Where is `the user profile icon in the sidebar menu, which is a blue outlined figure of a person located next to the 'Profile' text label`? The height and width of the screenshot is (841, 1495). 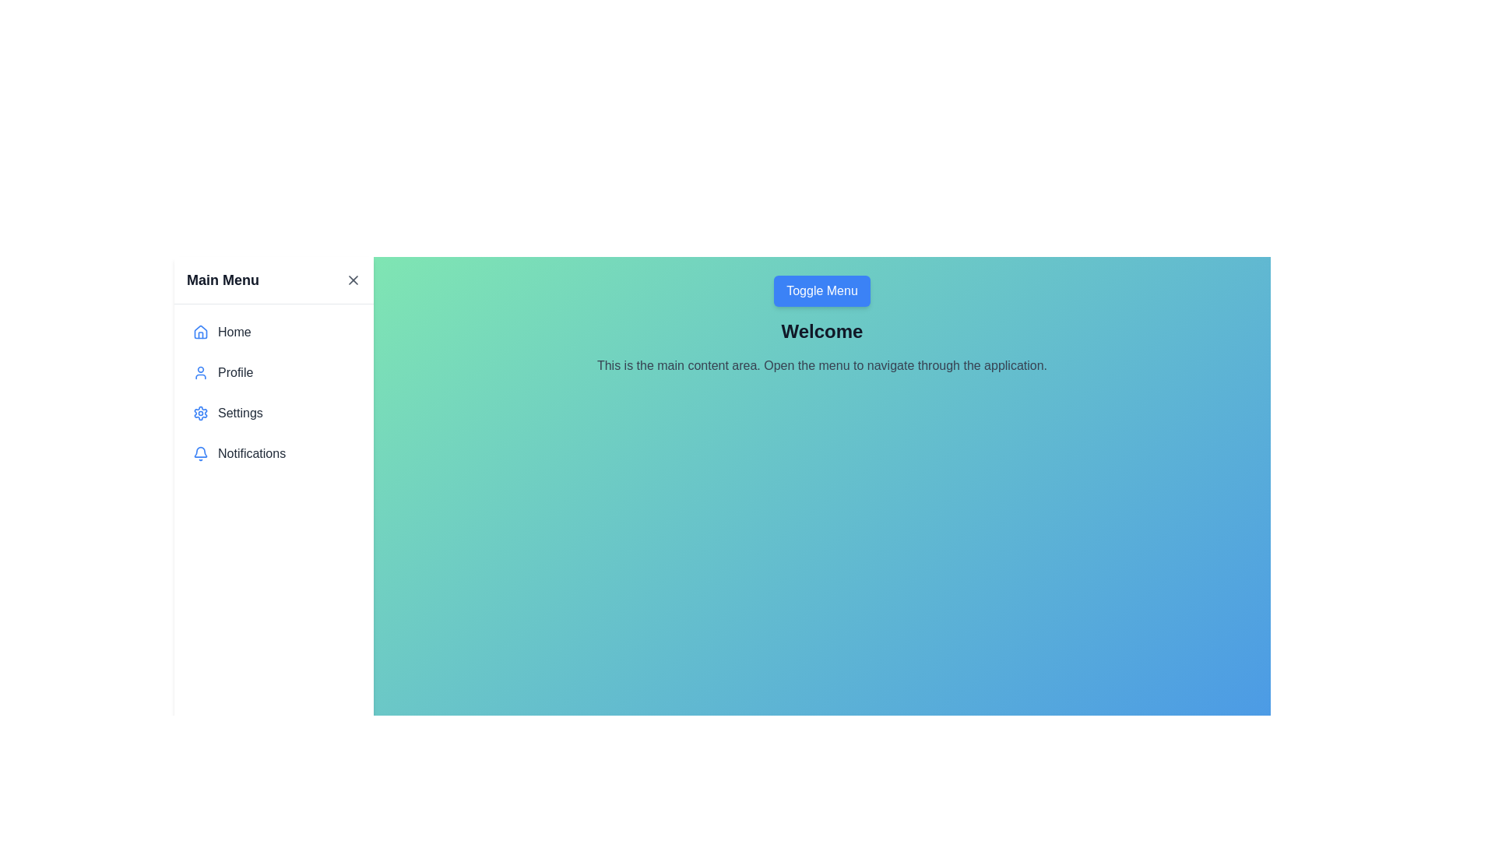 the user profile icon in the sidebar menu, which is a blue outlined figure of a person located next to the 'Profile' text label is located at coordinates (200, 372).